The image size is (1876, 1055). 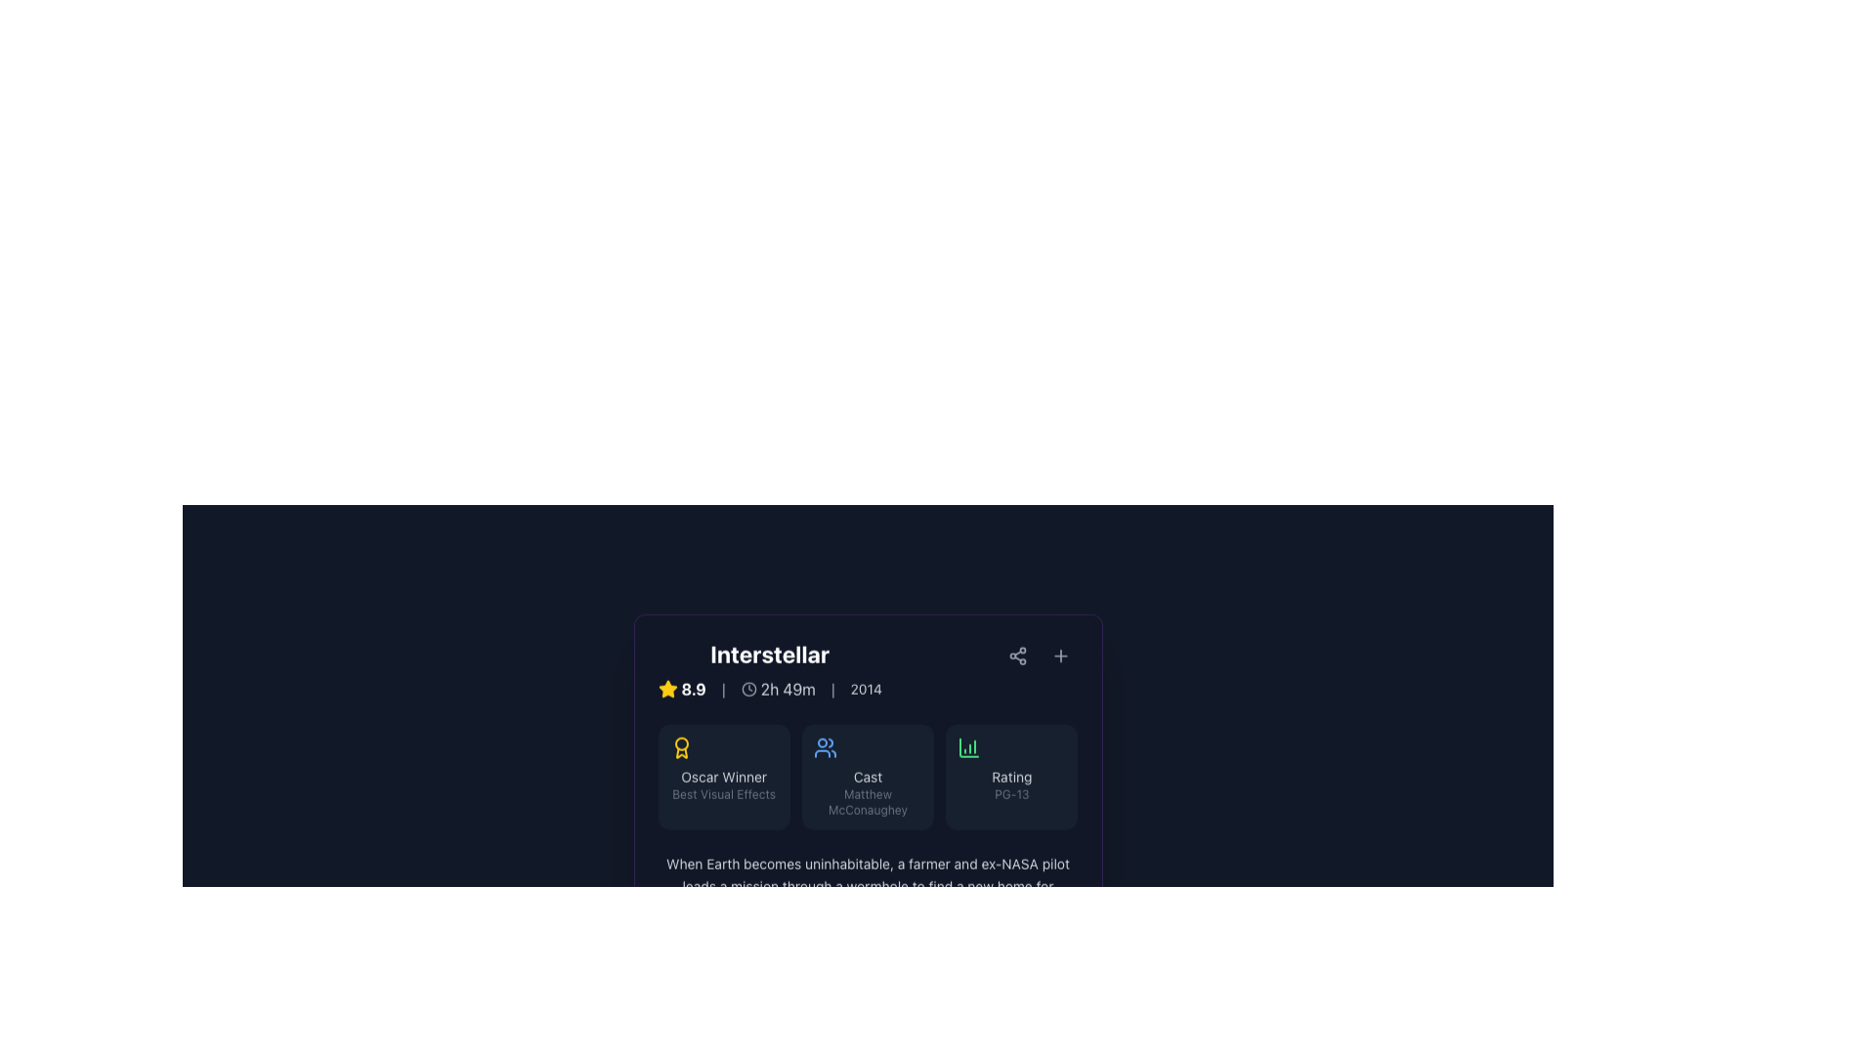 What do you see at coordinates (1016, 655) in the screenshot?
I see `the interactive sharing icon located in the upper-right corner of the movie details card` at bounding box center [1016, 655].